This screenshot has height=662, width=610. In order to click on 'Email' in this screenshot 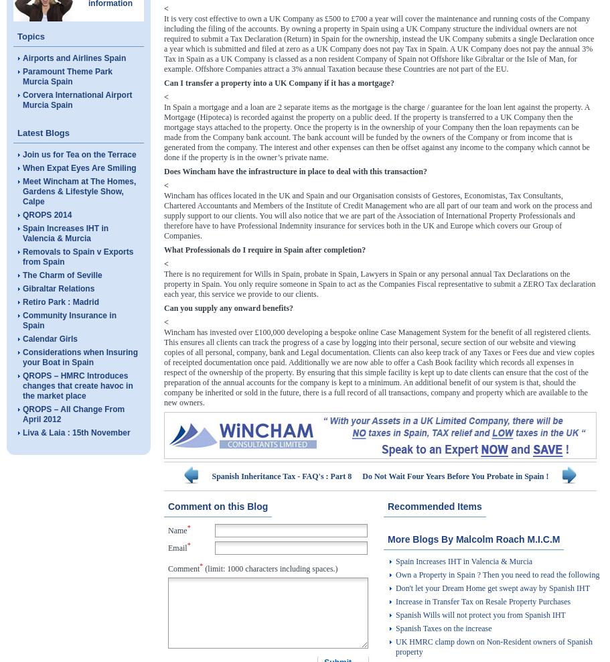, I will do `click(177, 547)`.